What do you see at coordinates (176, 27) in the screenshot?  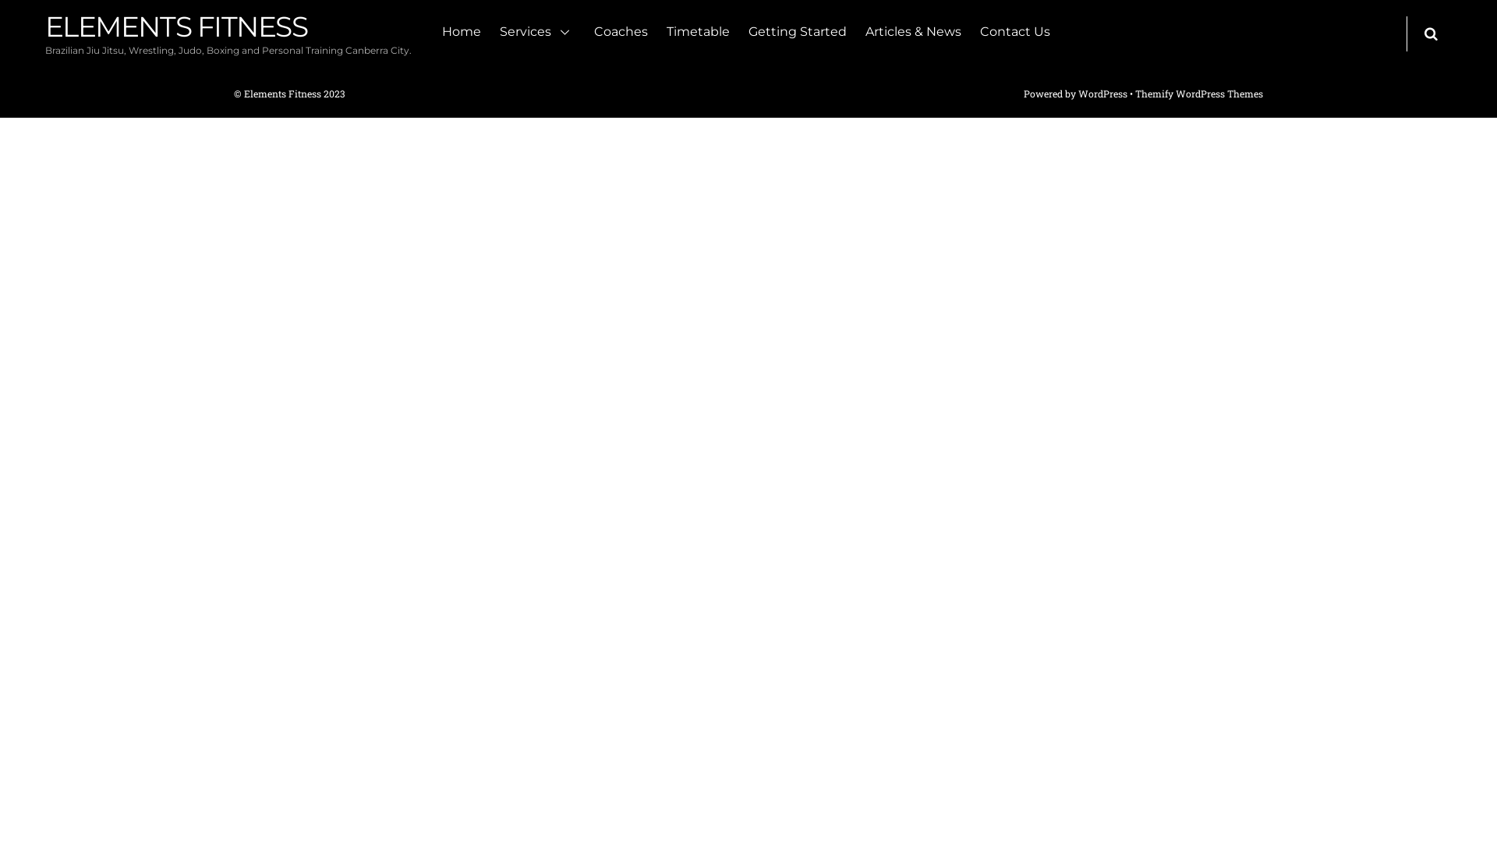 I see `'ELEMENTS FITNESS'` at bounding box center [176, 27].